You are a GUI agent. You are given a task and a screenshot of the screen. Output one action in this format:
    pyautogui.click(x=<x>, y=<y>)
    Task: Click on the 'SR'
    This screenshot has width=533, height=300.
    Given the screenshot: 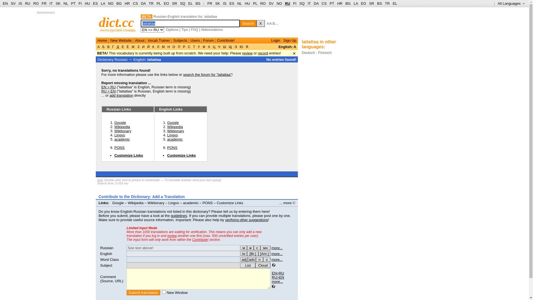 What is the action you would take?
    pyautogui.click(x=172, y=3)
    